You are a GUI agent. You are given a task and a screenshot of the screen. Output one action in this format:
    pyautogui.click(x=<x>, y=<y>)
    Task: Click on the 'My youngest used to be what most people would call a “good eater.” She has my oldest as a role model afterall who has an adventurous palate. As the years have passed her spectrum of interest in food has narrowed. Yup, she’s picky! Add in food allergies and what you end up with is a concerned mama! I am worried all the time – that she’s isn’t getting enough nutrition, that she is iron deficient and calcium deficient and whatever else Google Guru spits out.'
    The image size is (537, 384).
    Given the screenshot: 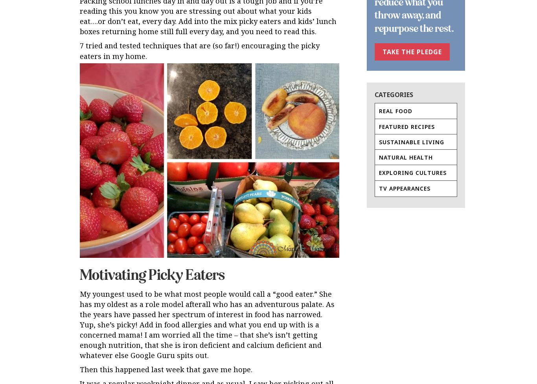 What is the action you would take?
    pyautogui.click(x=207, y=324)
    